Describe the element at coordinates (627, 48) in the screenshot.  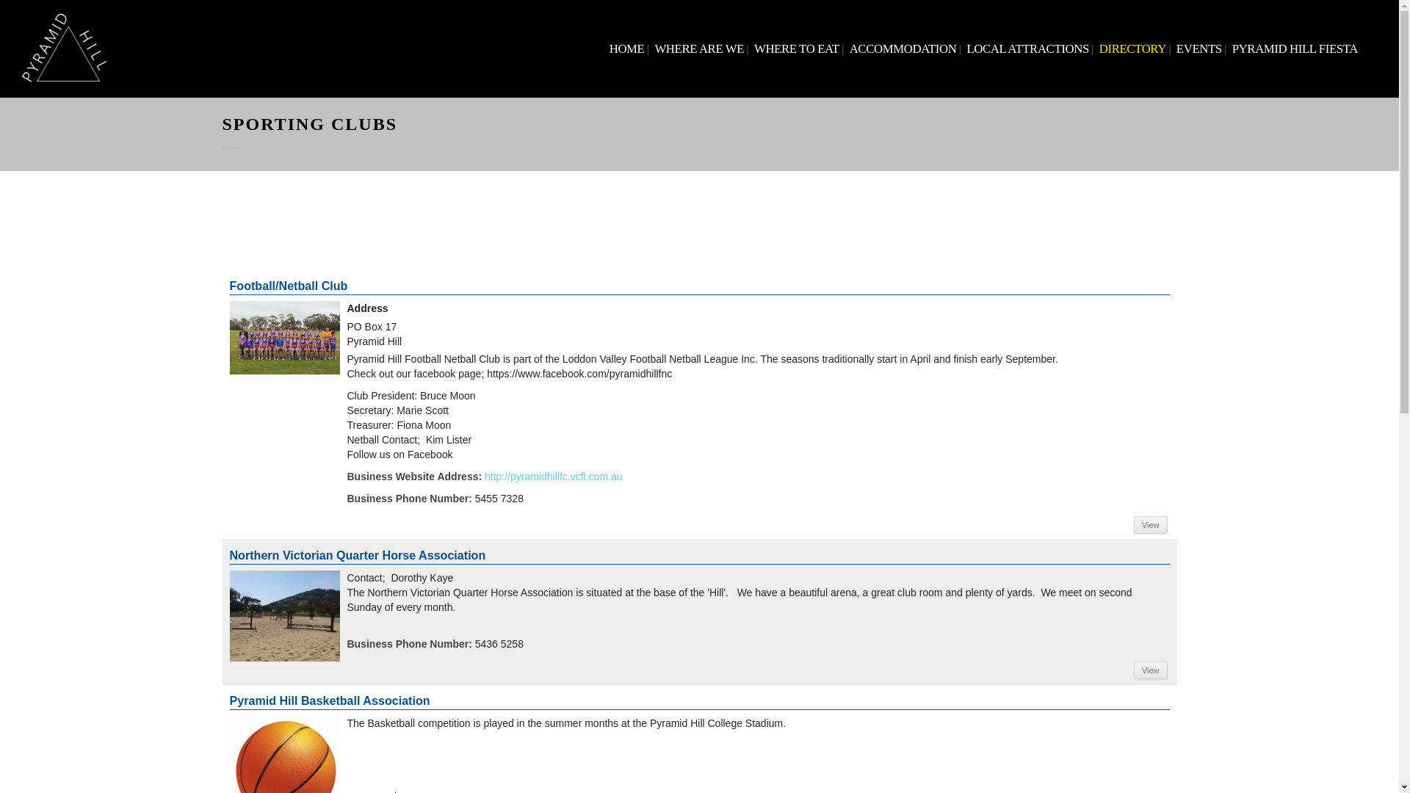
I see `'HOME'` at that location.